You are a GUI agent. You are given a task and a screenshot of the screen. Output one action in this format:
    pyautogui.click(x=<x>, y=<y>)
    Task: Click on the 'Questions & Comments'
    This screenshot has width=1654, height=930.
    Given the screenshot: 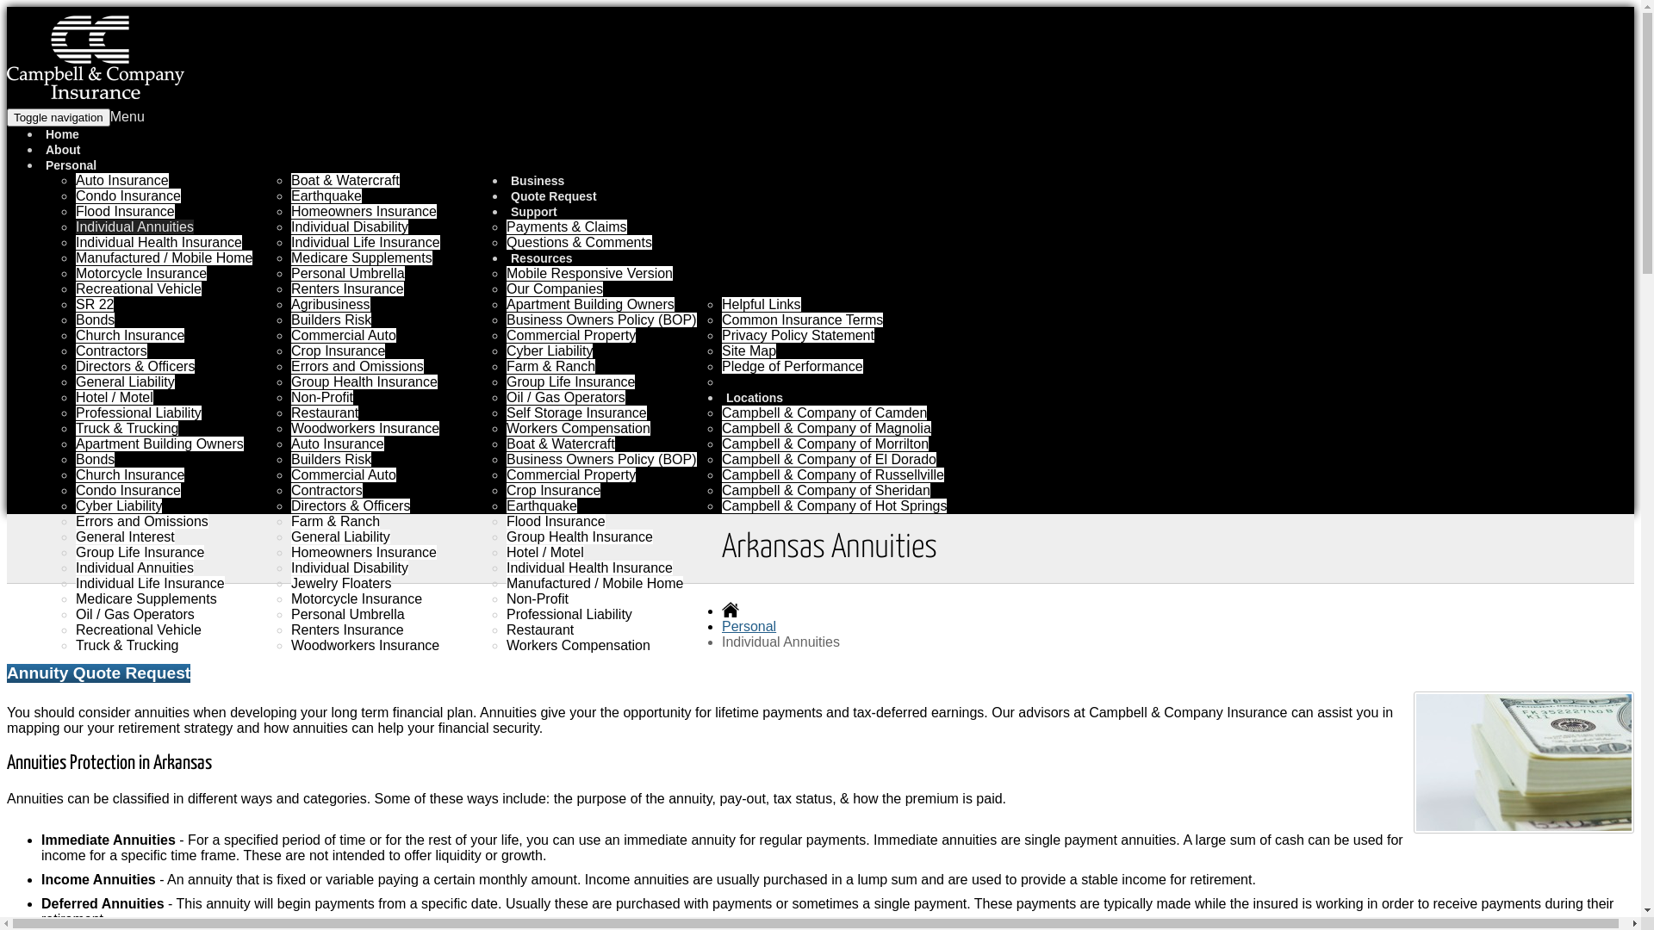 What is the action you would take?
    pyautogui.click(x=579, y=242)
    